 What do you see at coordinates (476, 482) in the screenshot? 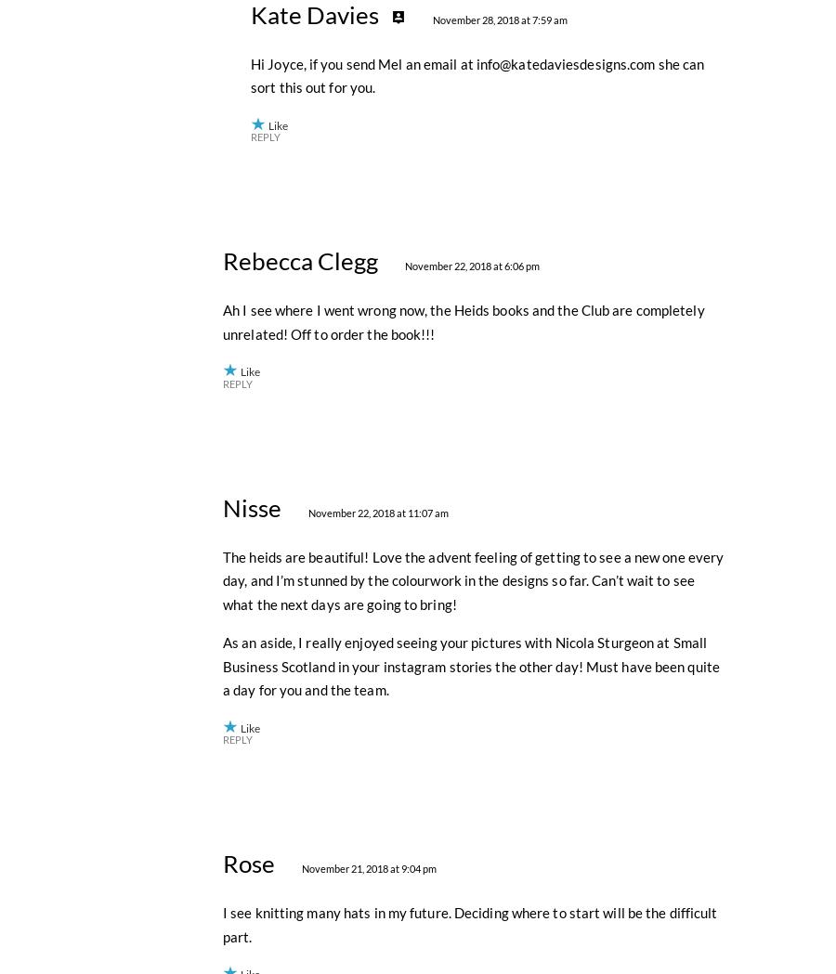
I see `'she can sort this out for you.'` at bounding box center [476, 482].